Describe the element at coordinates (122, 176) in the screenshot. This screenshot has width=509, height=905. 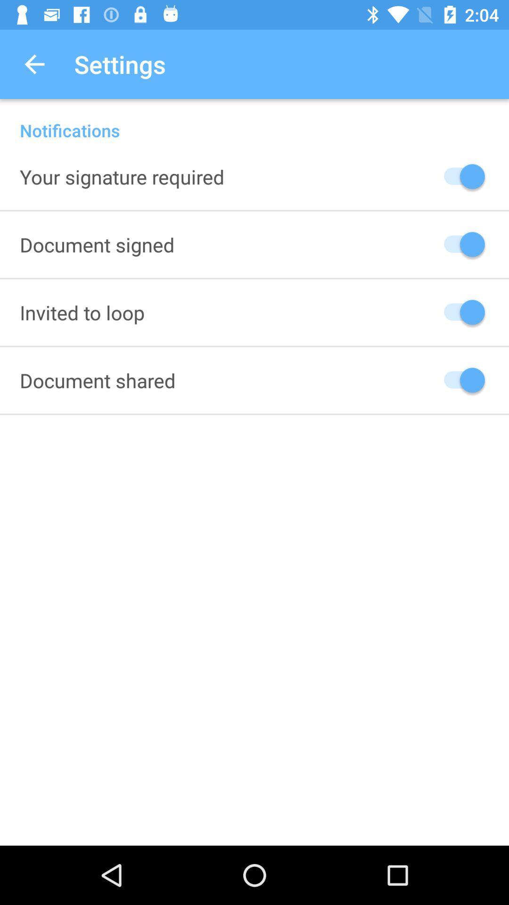
I see `the your signature required icon` at that location.